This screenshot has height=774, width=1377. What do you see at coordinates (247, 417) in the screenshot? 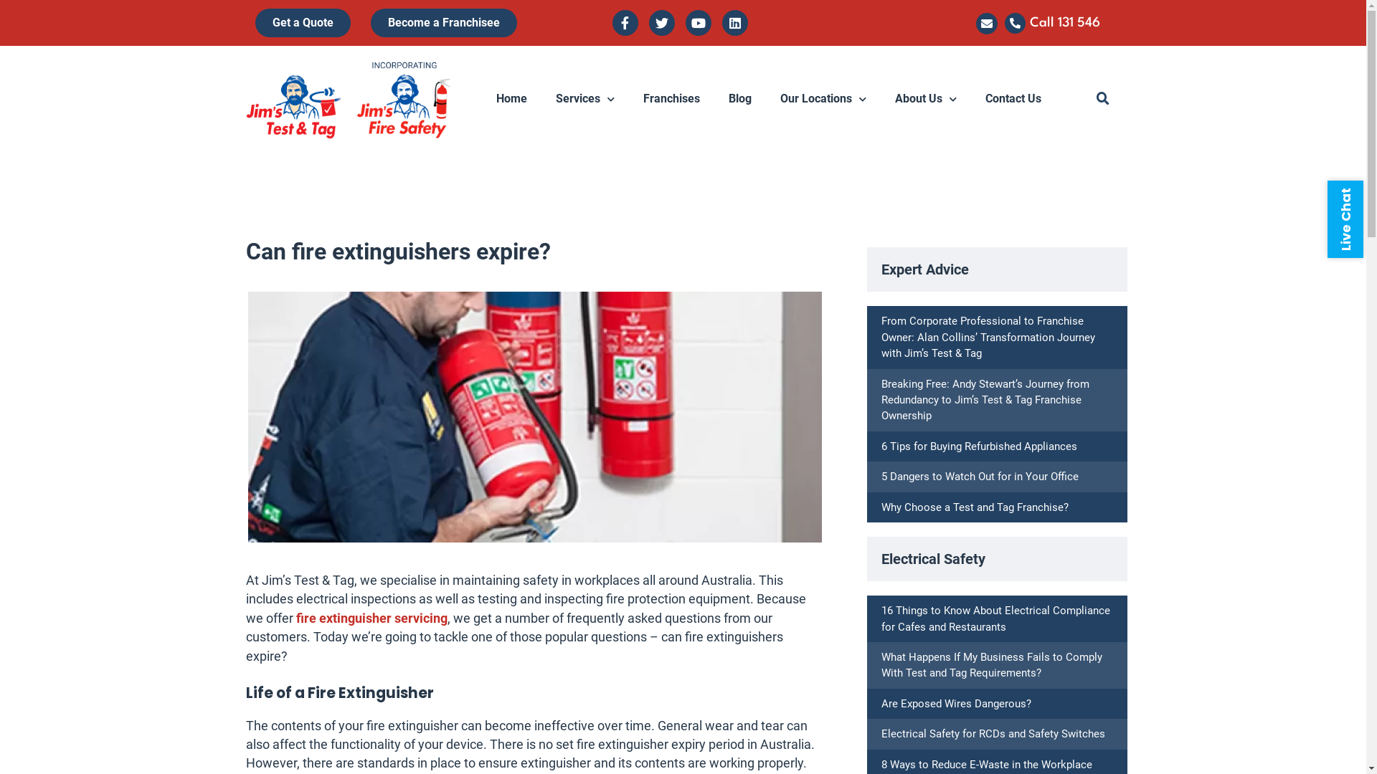
I see `'fire-protection-testing'` at bounding box center [247, 417].